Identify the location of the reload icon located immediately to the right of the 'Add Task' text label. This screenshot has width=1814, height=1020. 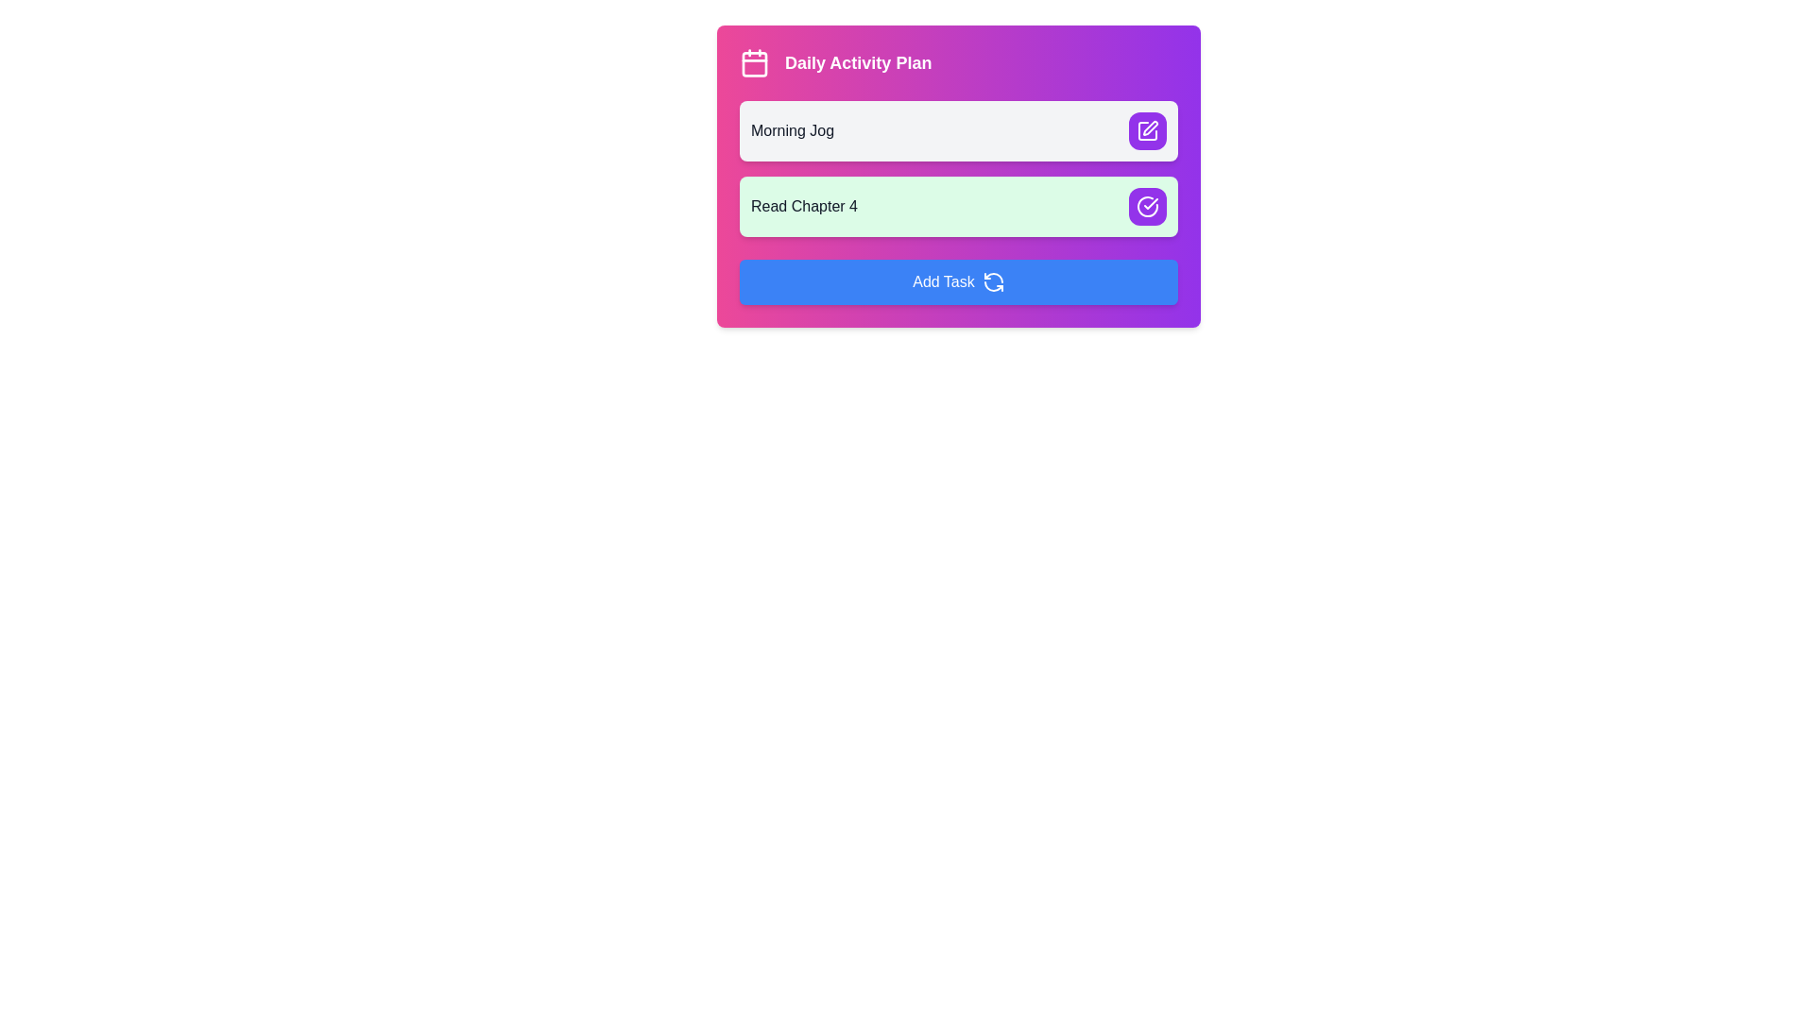
(992, 282).